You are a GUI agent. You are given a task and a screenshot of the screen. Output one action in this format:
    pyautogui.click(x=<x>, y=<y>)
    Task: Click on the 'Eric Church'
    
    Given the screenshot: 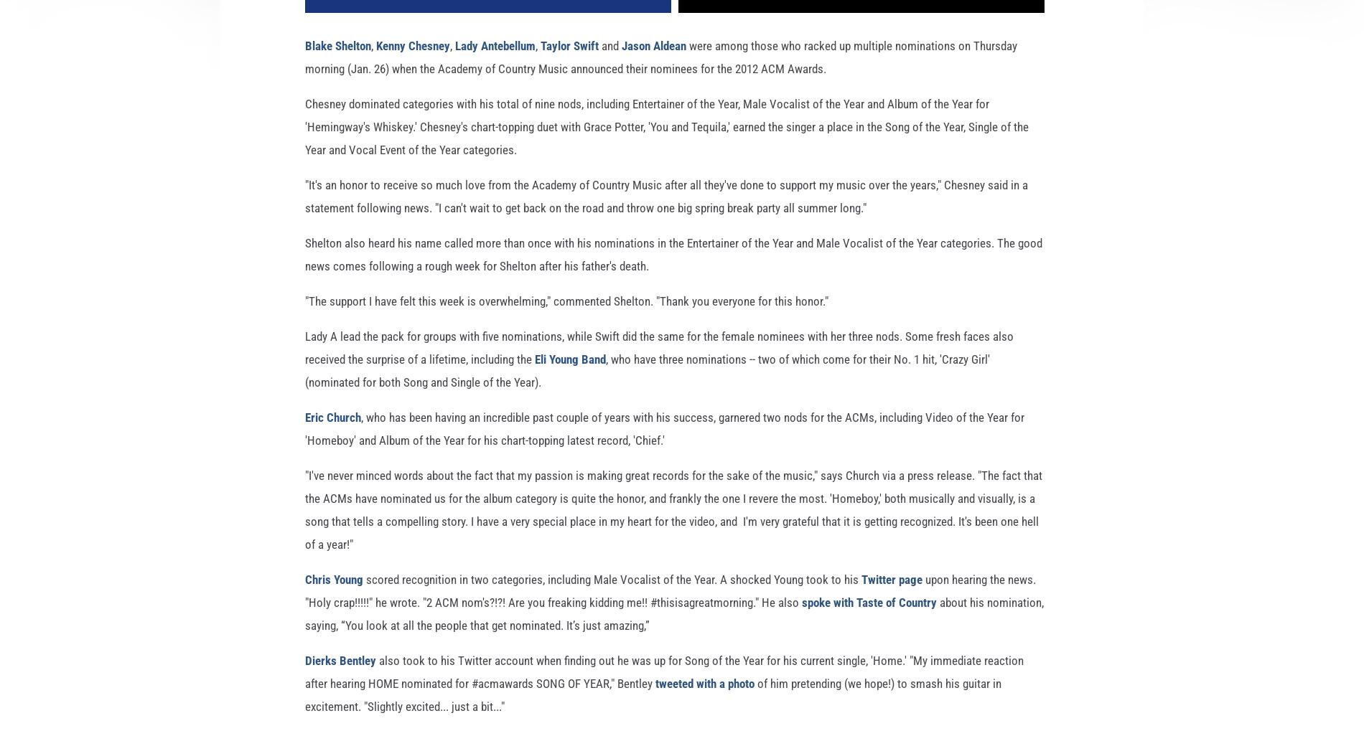 What is the action you would take?
    pyautogui.click(x=332, y=440)
    